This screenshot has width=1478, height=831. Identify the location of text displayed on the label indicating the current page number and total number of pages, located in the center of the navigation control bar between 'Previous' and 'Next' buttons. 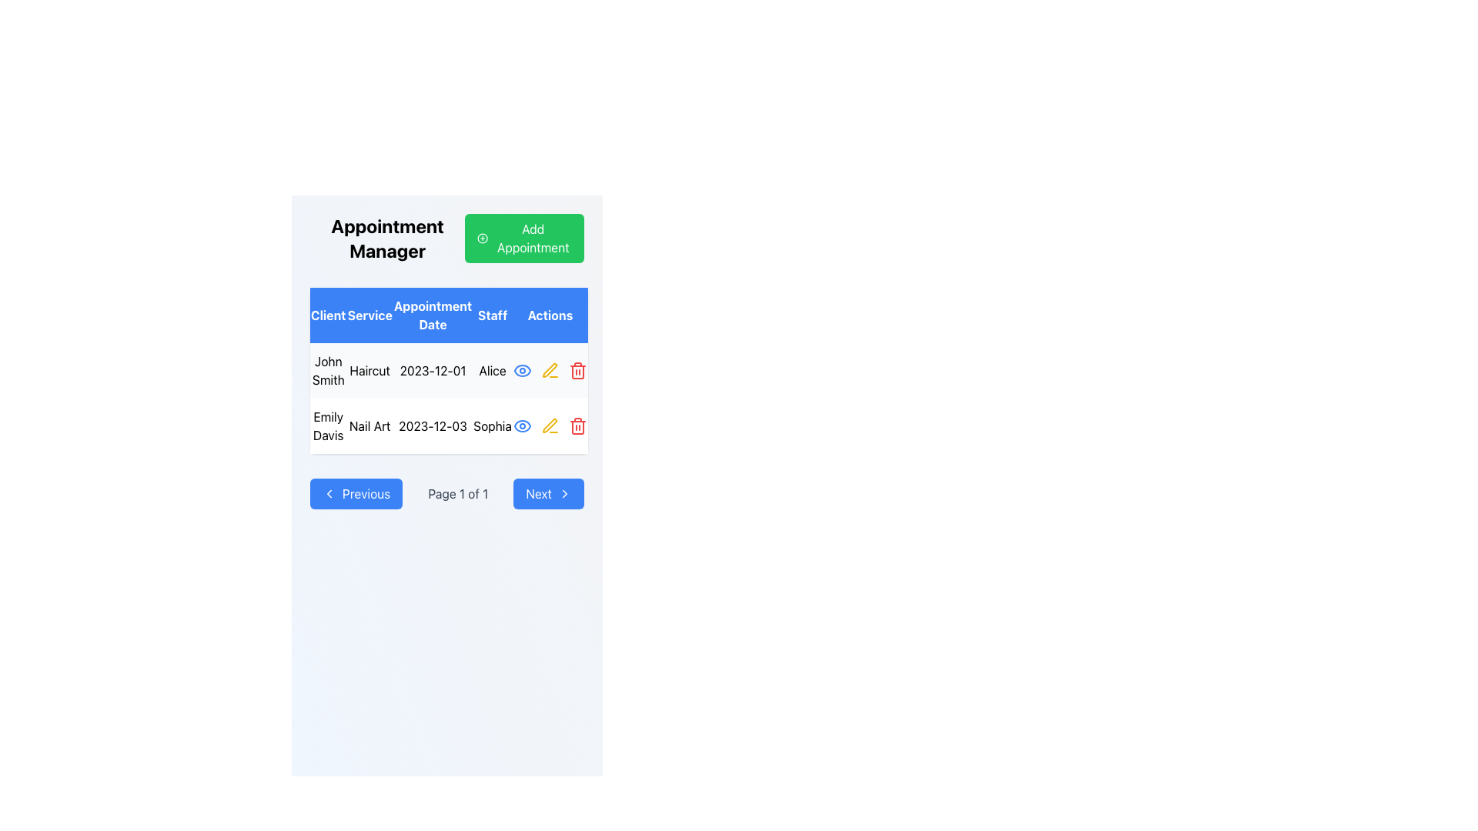
(457, 493).